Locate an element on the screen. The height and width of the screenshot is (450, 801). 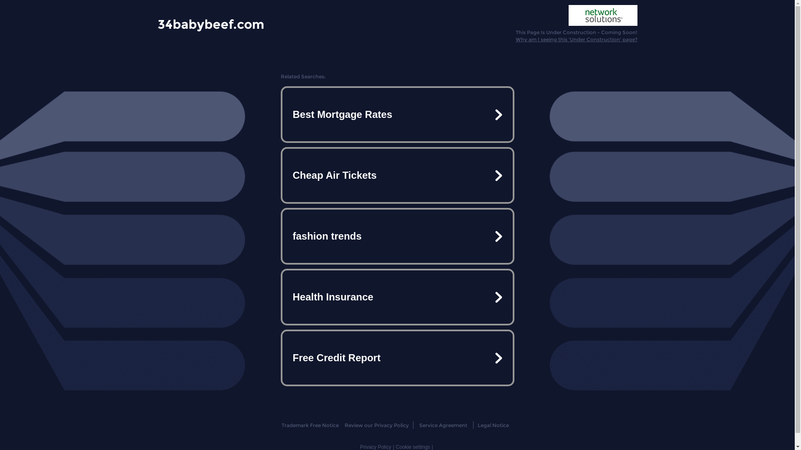
'34babybeef.com' is located at coordinates (211, 23).